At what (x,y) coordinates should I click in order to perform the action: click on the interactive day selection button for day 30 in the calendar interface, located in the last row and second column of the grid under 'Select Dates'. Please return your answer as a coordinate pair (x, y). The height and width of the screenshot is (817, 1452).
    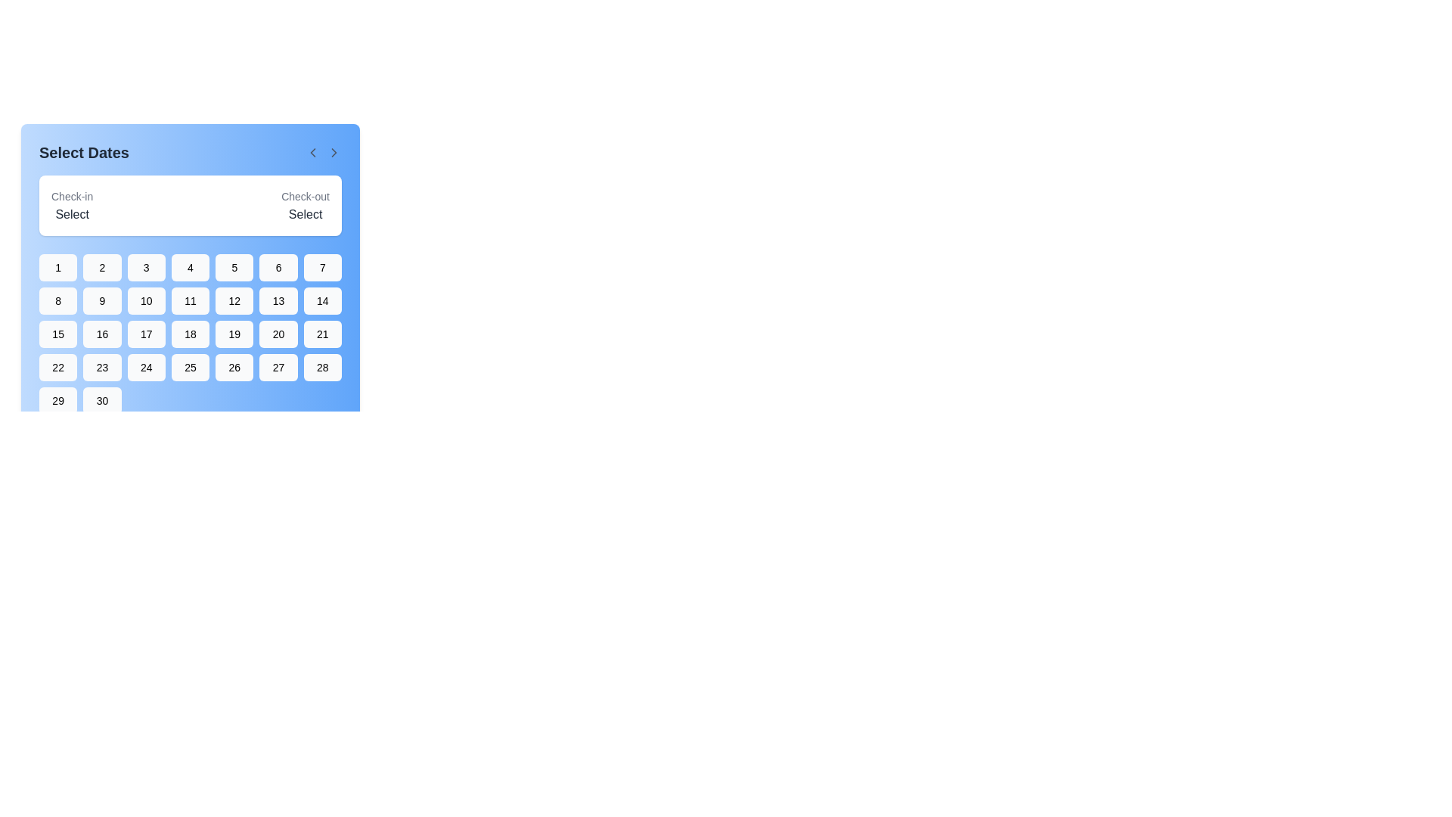
    Looking at the image, I should click on (101, 399).